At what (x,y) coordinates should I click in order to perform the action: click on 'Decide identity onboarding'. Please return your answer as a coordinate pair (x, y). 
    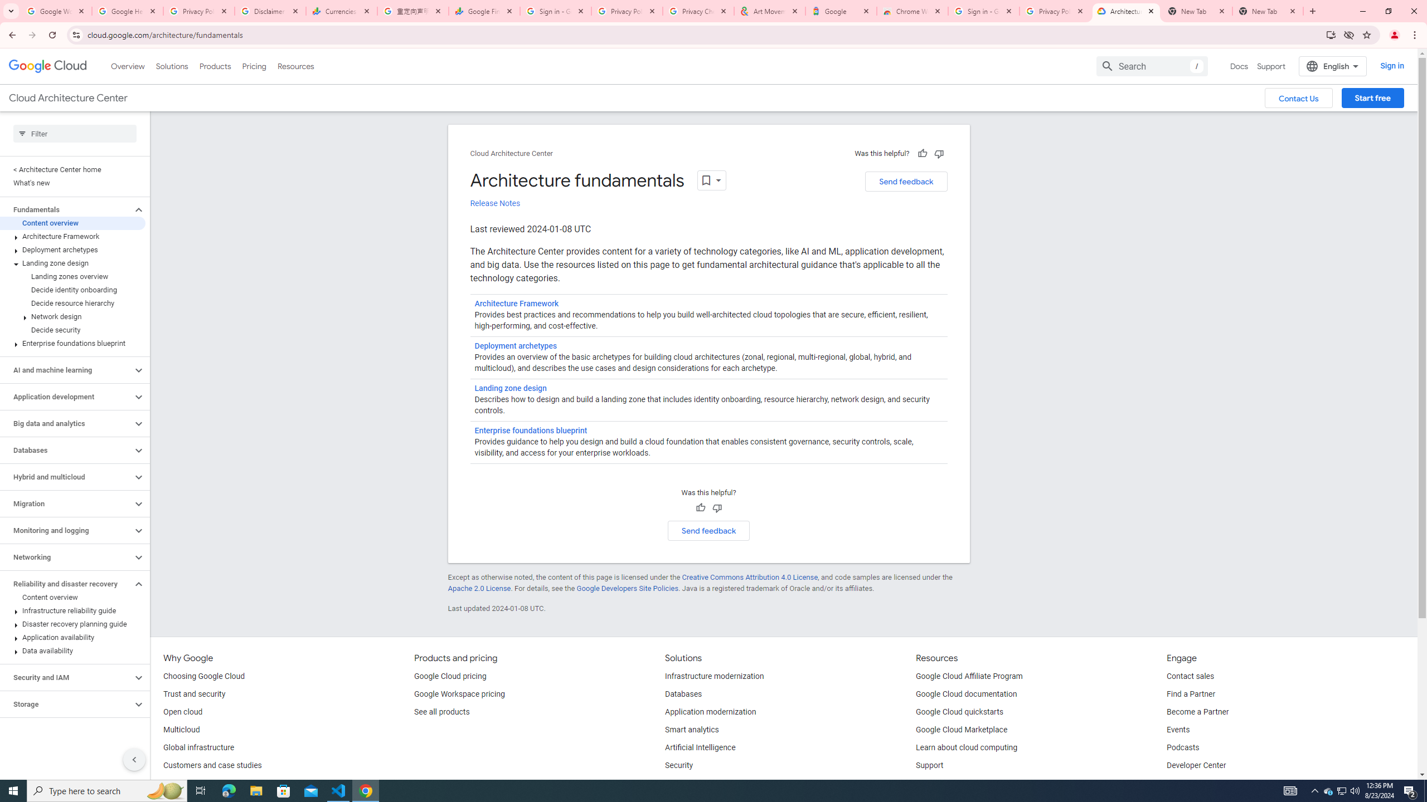
    Looking at the image, I should click on (72, 290).